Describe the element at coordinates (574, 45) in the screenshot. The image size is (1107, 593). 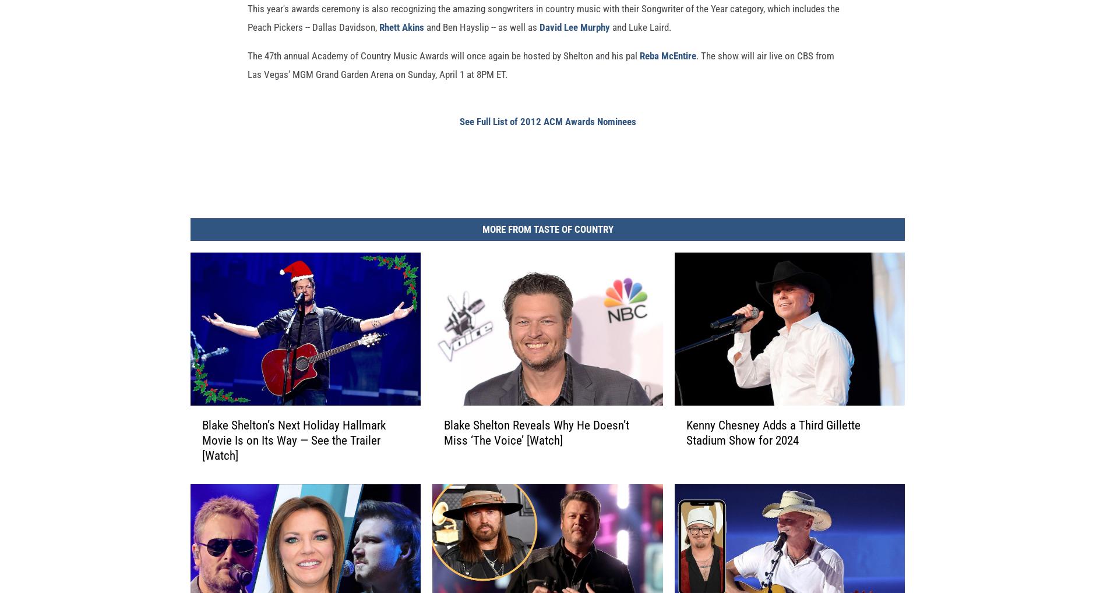
I see `'David Lee Murphy'` at that location.